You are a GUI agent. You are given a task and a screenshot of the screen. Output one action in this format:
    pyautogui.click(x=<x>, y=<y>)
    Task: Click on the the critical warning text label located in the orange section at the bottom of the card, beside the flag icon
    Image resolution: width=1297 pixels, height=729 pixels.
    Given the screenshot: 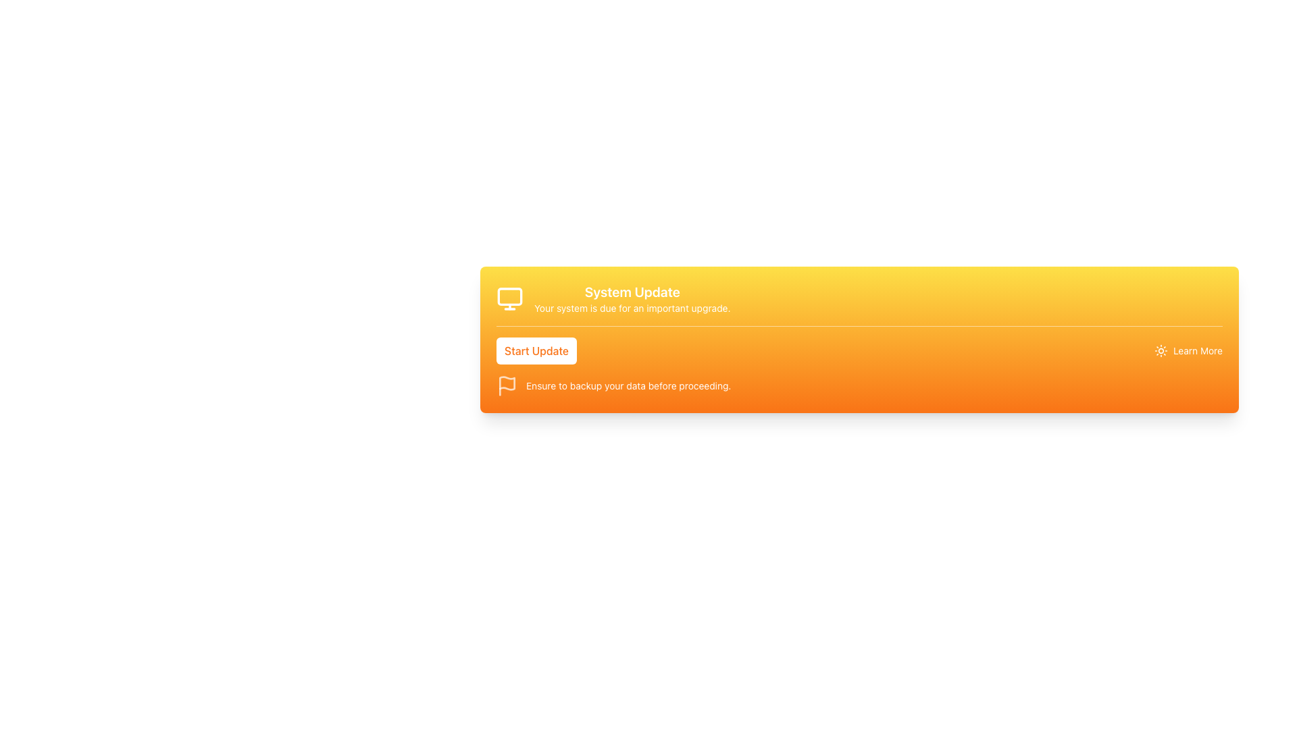 What is the action you would take?
    pyautogui.click(x=628, y=385)
    